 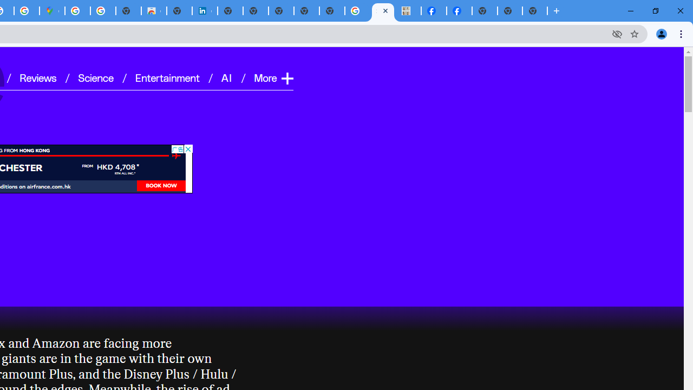 What do you see at coordinates (459, 11) in the screenshot?
I see `'Miley Cyrus | Facebook'` at bounding box center [459, 11].